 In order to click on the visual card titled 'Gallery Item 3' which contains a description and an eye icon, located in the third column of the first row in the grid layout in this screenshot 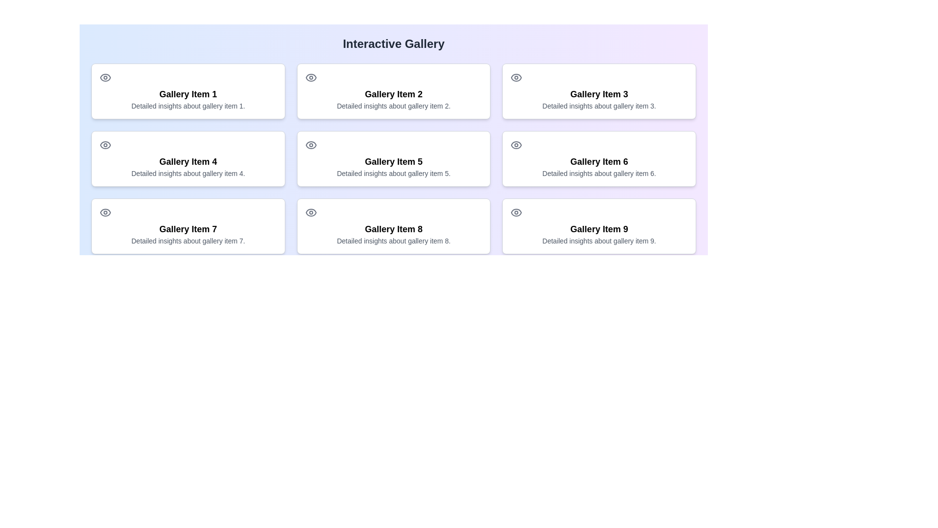, I will do `click(598, 91)`.